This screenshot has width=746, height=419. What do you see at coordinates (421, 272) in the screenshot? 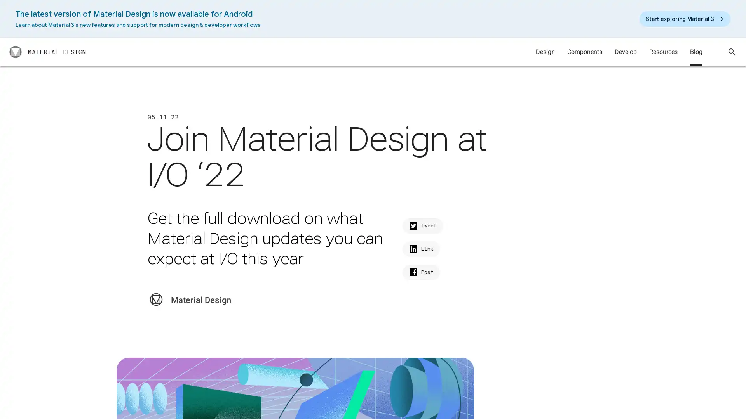
I see `share on Facebook` at bounding box center [421, 272].